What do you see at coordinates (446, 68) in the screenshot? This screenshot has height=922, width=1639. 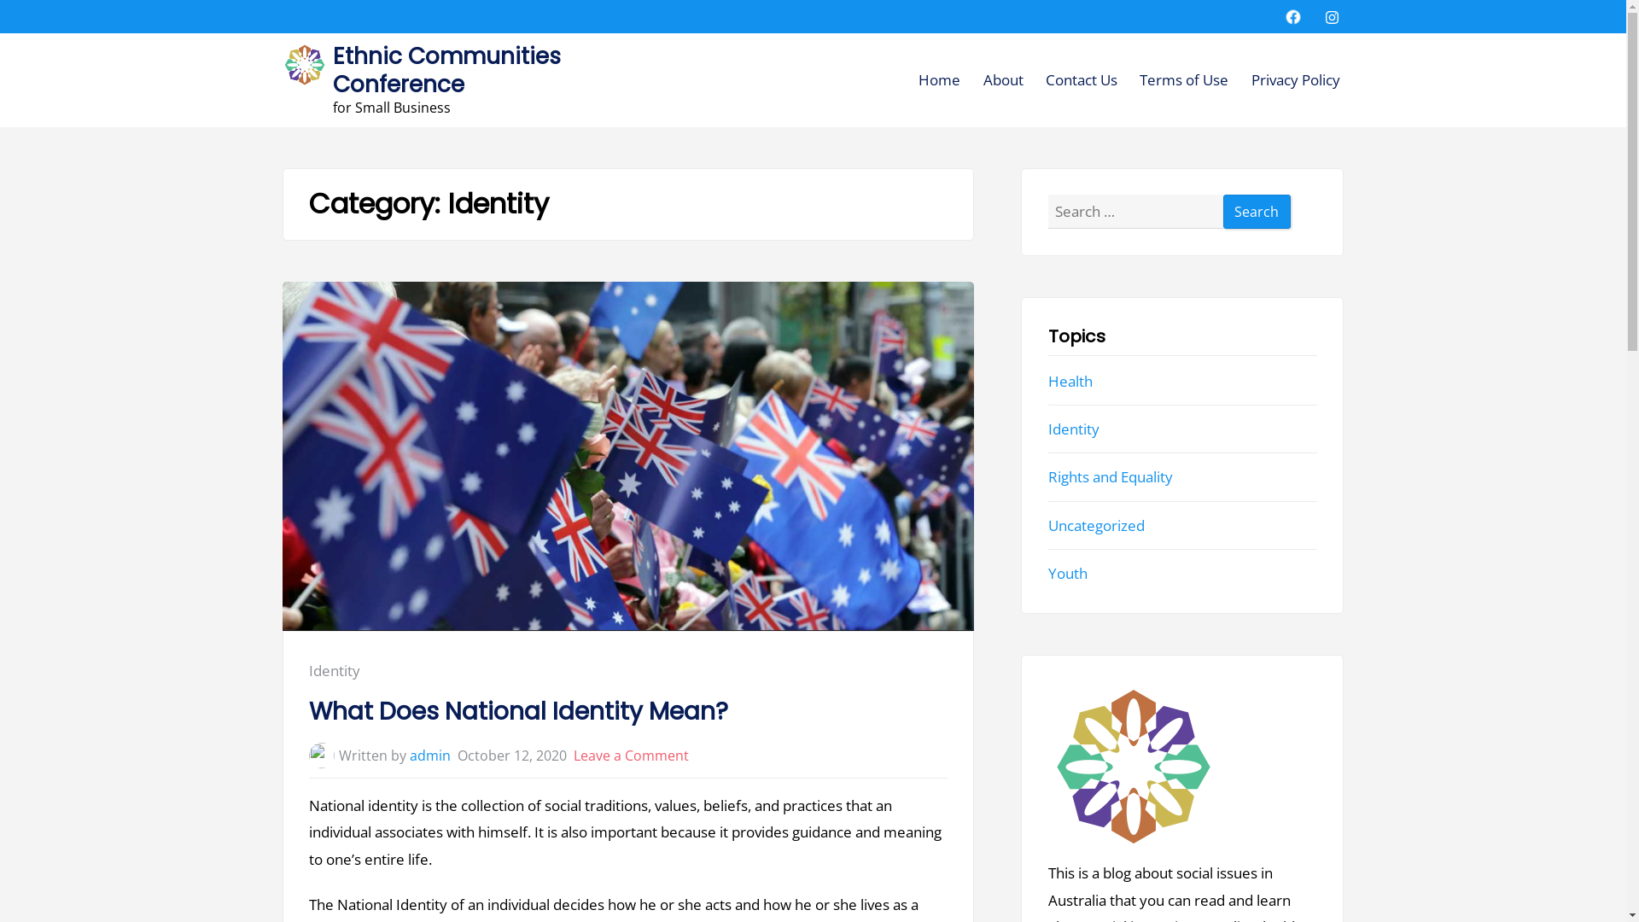 I see `'Ethnic Communities Conference'` at bounding box center [446, 68].